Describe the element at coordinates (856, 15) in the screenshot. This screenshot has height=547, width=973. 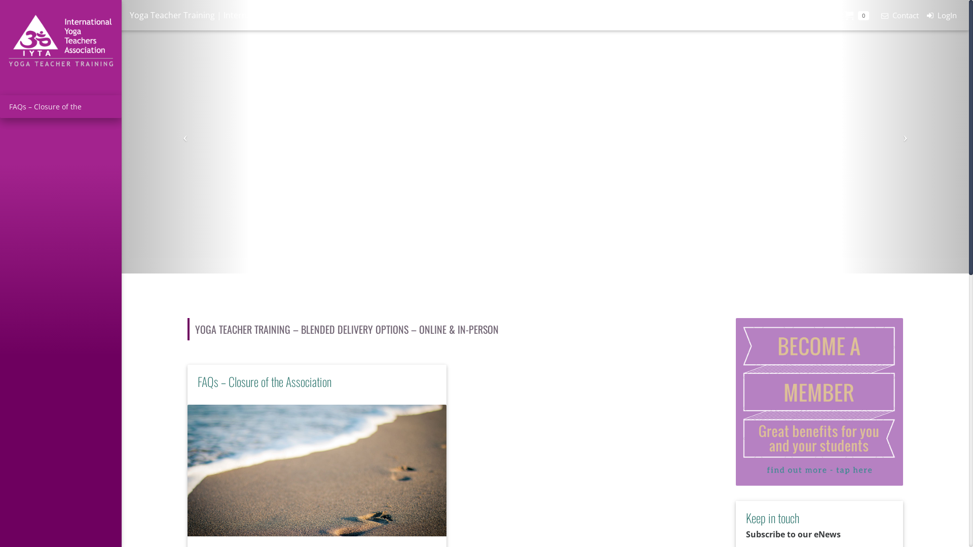
I see `'0'` at that location.